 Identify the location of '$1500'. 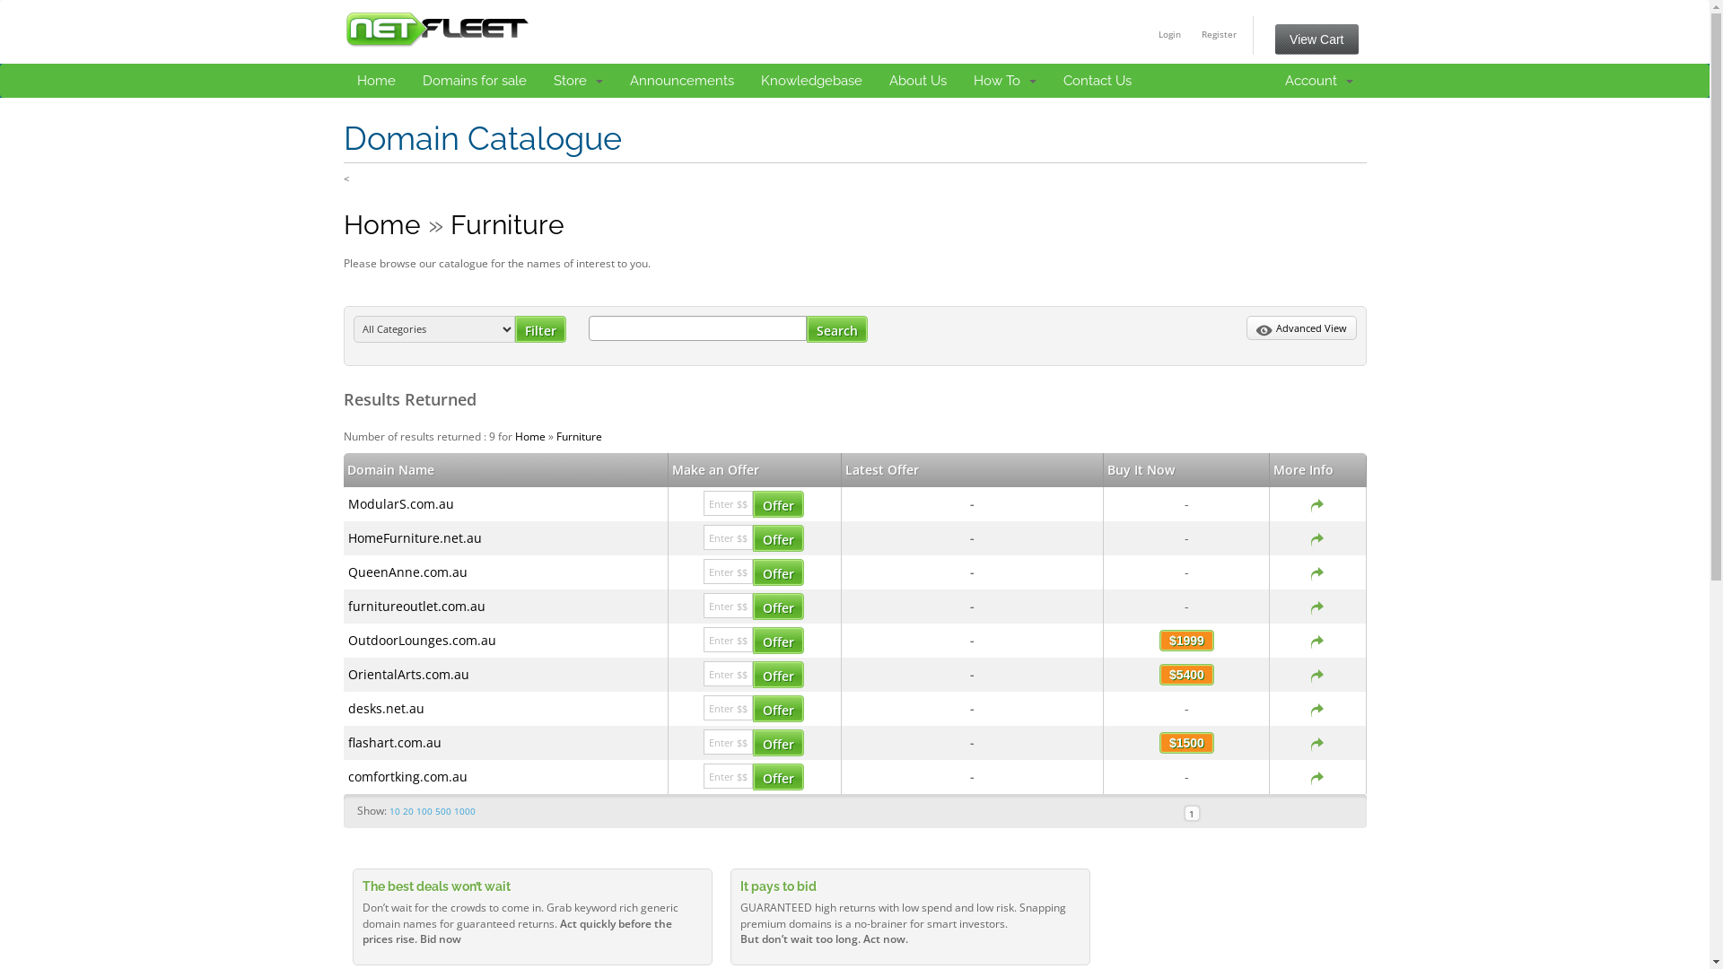
(1159, 743).